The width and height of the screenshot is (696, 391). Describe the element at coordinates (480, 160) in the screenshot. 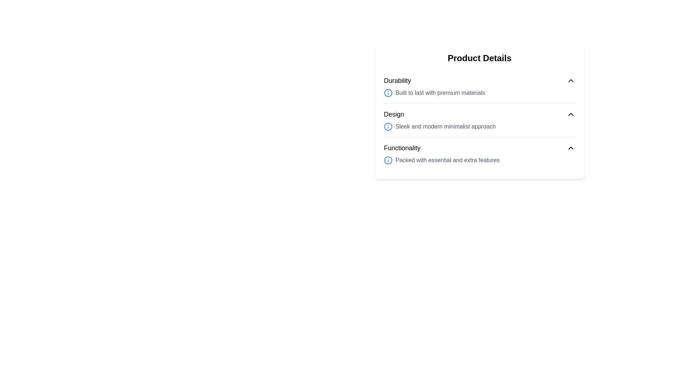

I see `the Text Label that reads 'Packed with essential and extra features' located under the 'Functionality' section, next to the blue circled 'i' icon` at that location.